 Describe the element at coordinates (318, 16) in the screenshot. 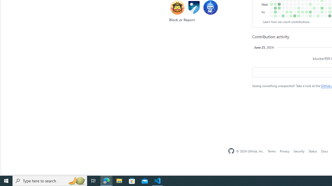

I see `'3 contributions on March 30th.'` at that location.